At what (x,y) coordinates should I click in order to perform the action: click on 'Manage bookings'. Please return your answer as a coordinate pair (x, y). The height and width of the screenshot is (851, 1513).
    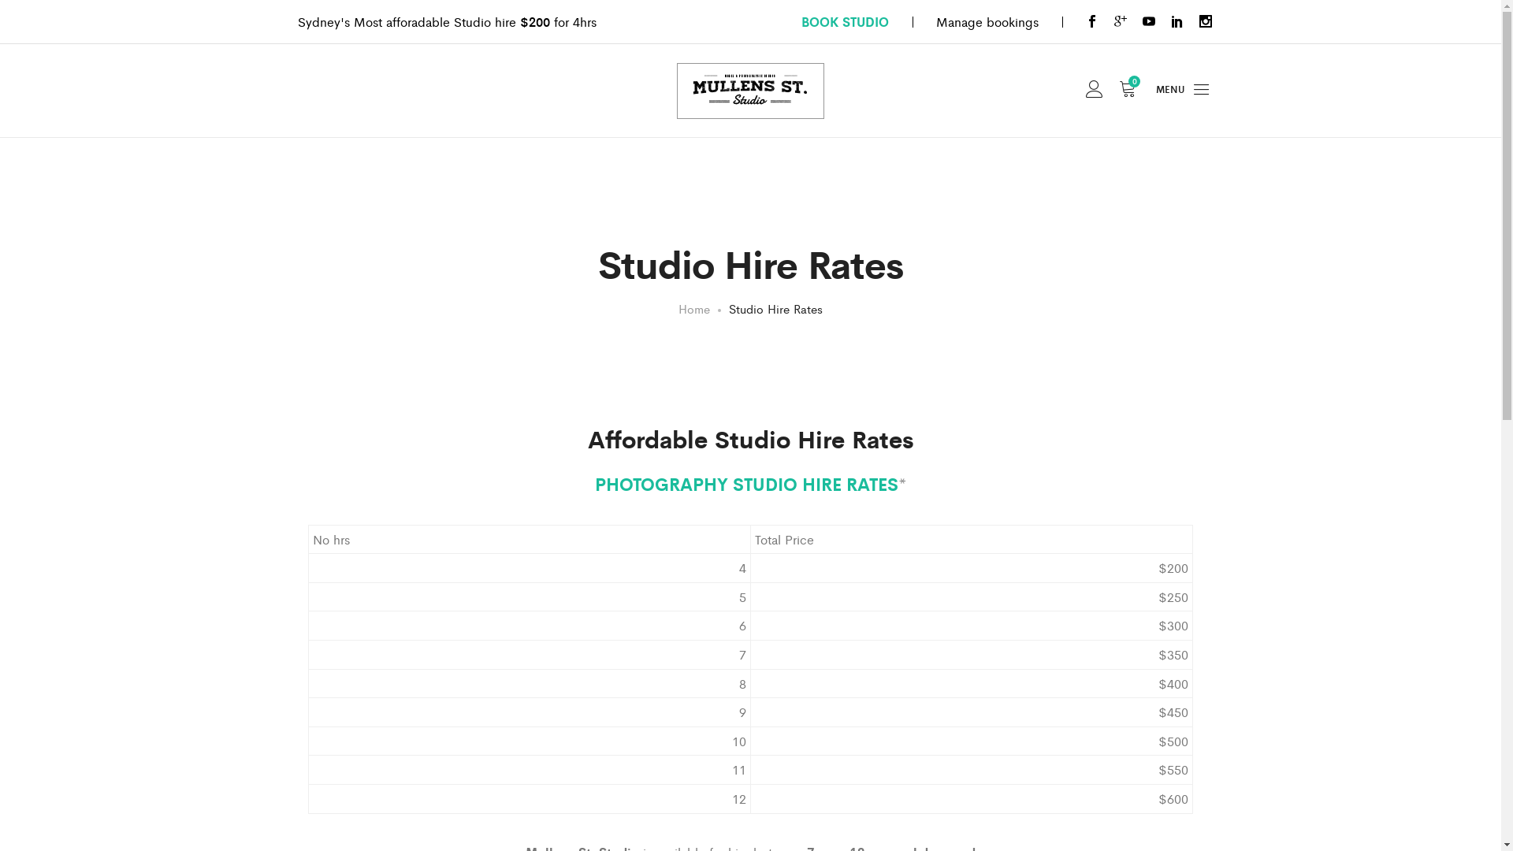
    Looking at the image, I should click on (986, 21).